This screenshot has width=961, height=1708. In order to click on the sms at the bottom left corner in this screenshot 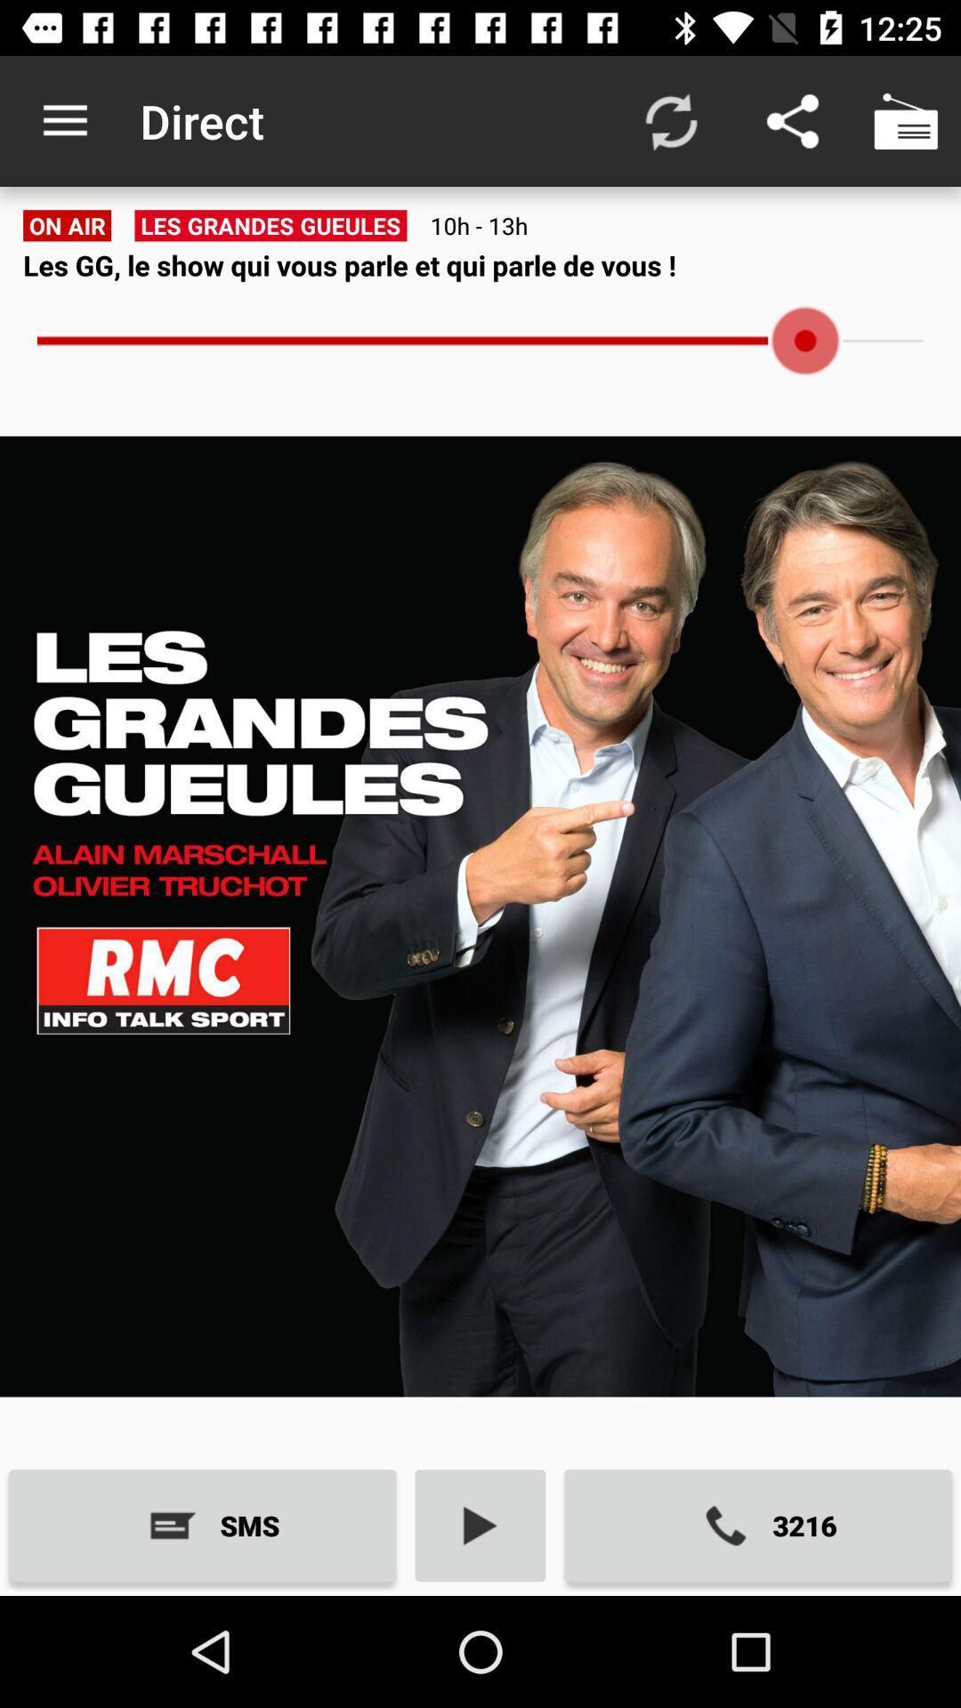, I will do `click(201, 1525)`.